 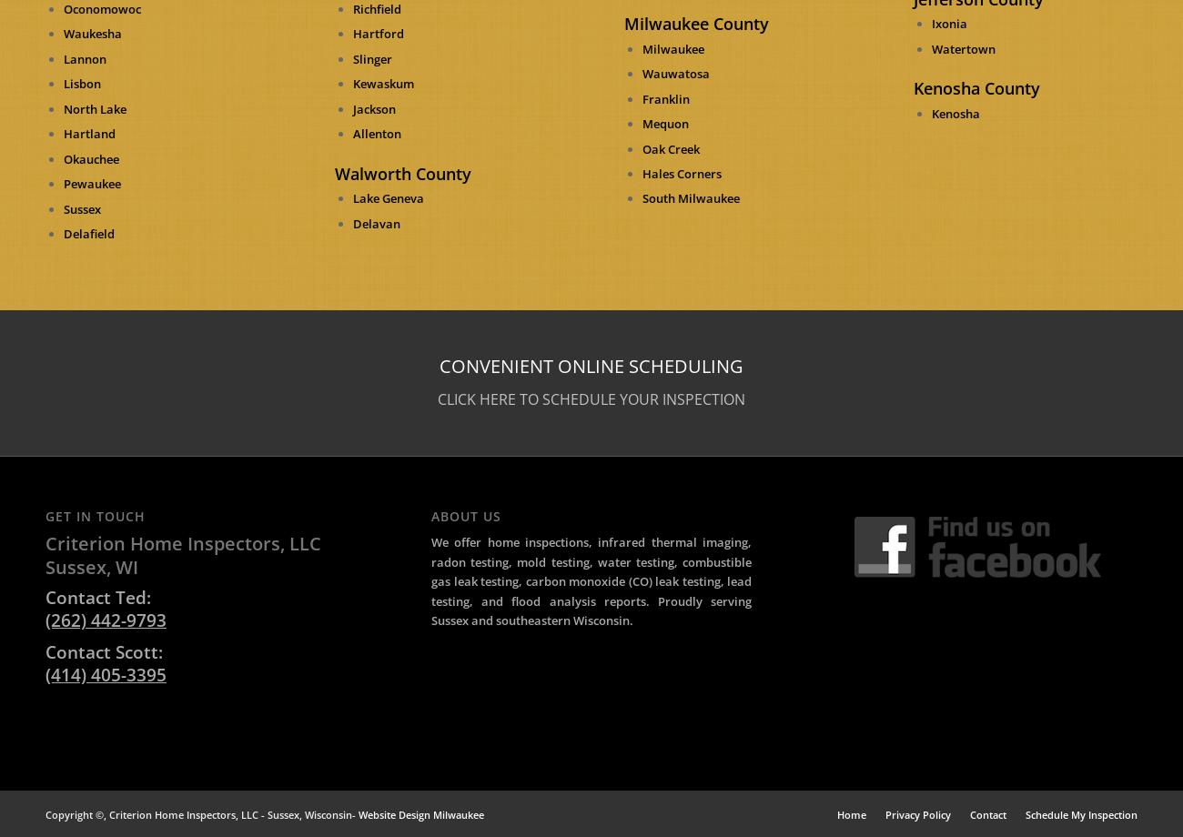 I want to click on 'Waukesha', so click(x=93, y=33).